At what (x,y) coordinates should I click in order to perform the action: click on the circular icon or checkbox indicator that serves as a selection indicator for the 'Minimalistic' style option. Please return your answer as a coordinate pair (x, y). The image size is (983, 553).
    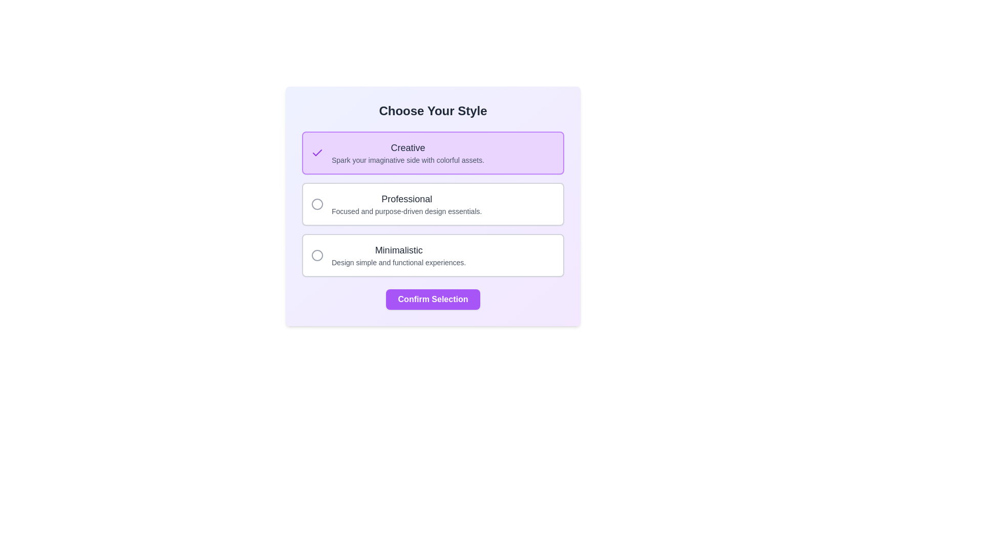
    Looking at the image, I should click on (316, 254).